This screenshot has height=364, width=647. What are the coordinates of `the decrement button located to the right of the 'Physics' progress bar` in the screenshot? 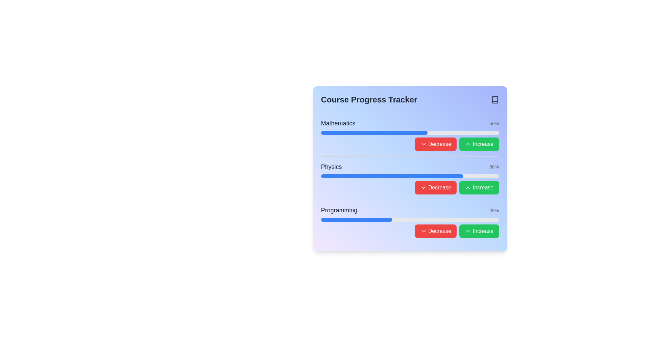 It's located at (435, 187).